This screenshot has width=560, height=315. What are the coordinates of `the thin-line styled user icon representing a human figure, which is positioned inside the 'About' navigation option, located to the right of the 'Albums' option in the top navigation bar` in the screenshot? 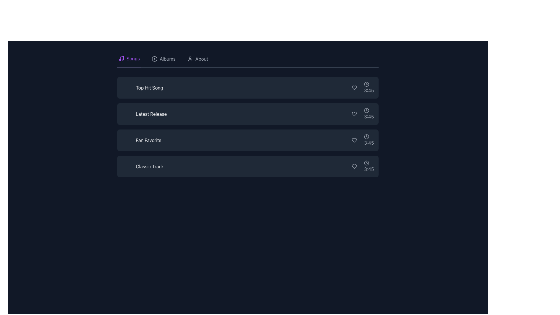 It's located at (190, 59).